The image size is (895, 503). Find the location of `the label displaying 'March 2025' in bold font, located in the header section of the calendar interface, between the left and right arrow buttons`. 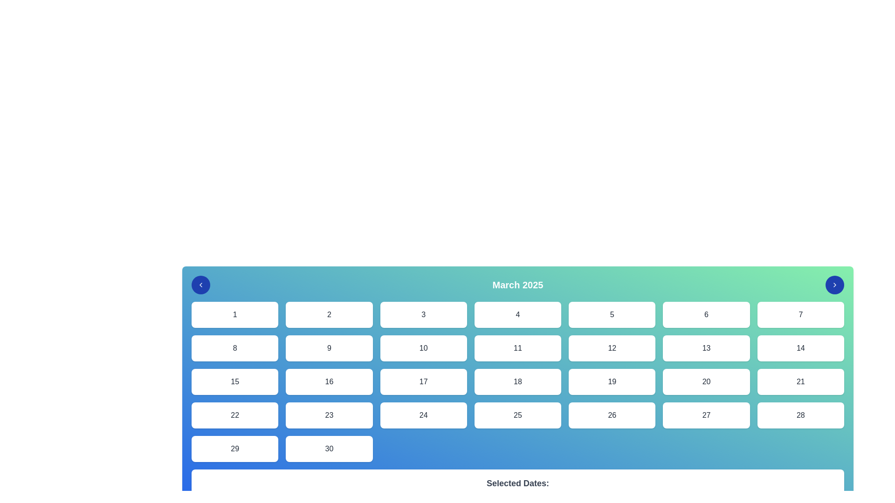

the label displaying 'March 2025' in bold font, located in the header section of the calendar interface, between the left and right arrow buttons is located at coordinates (517, 285).